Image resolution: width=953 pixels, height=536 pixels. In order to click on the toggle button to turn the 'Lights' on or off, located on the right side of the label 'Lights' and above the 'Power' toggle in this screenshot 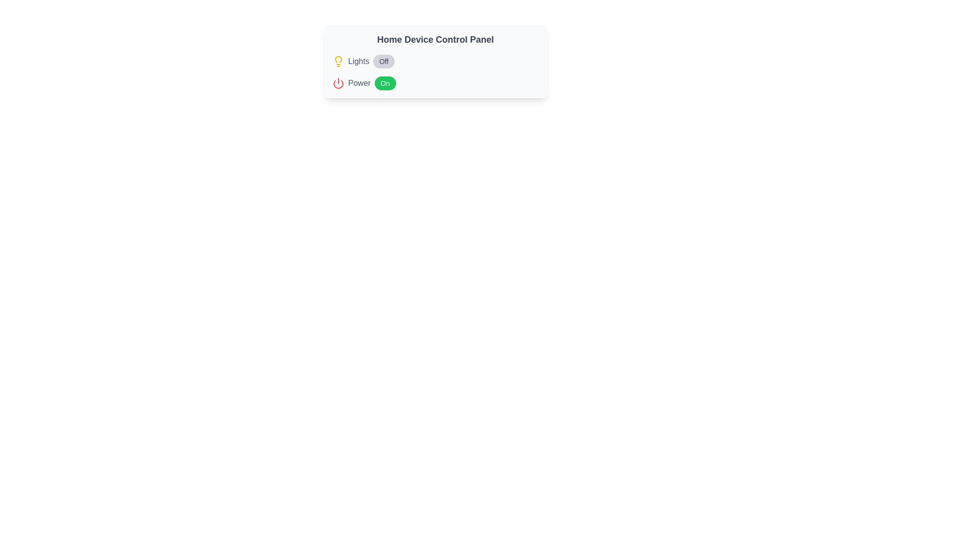, I will do `click(383, 61)`.